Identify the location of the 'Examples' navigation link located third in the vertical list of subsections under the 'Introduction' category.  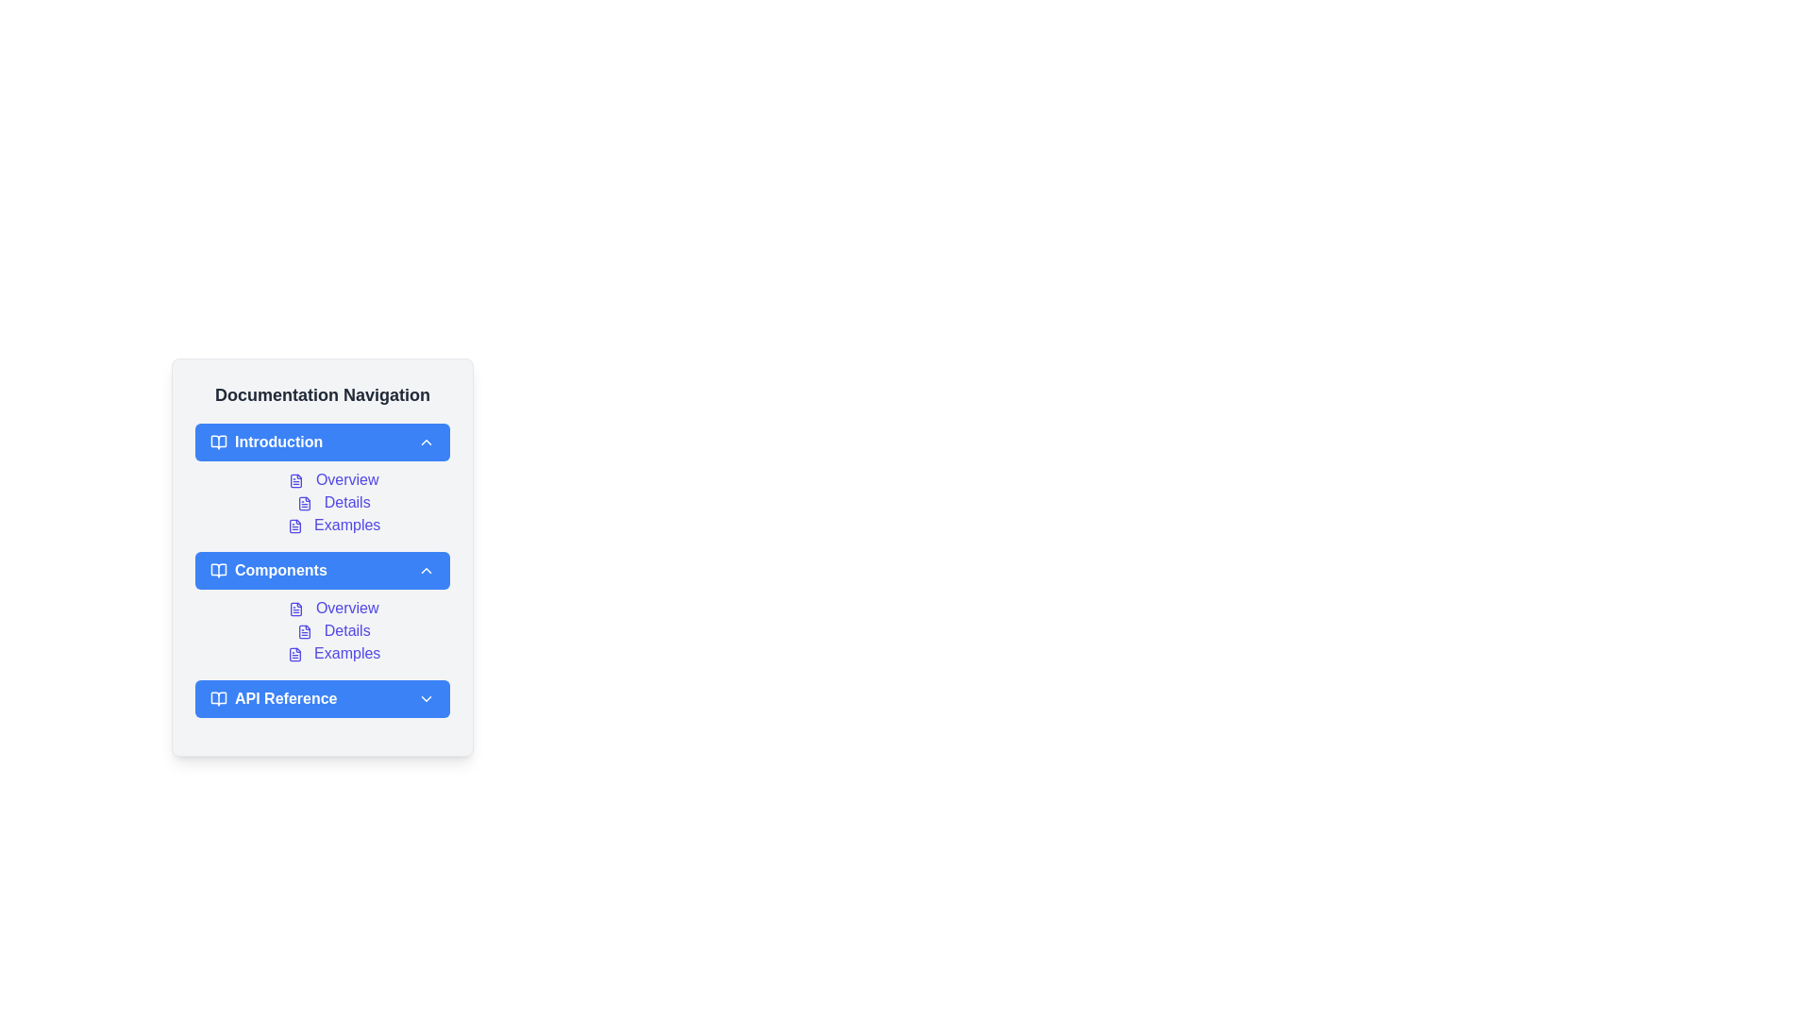
(334, 525).